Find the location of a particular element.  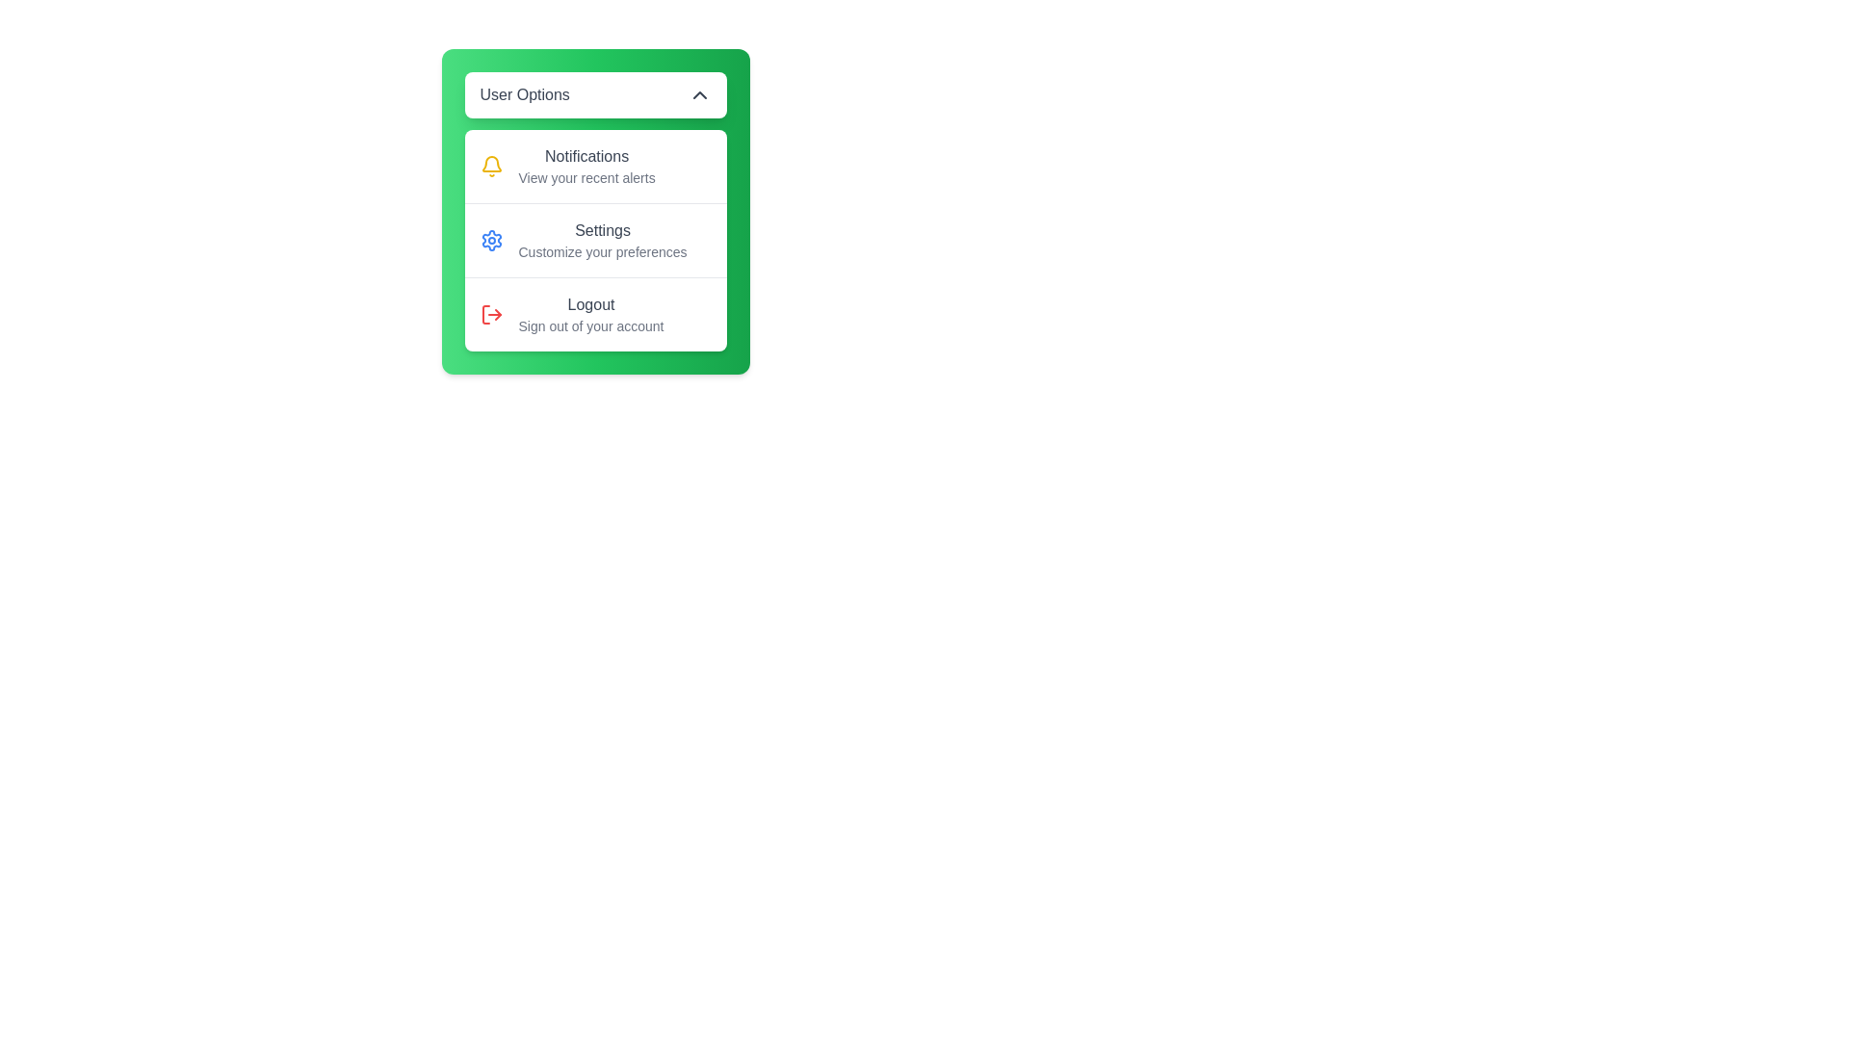

the 'Logout' menu option, which is the third option in the 'User Options' dropdown, featuring a red logout arrow icon and bold text saying 'Logout' is located at coordinates (594, 313).